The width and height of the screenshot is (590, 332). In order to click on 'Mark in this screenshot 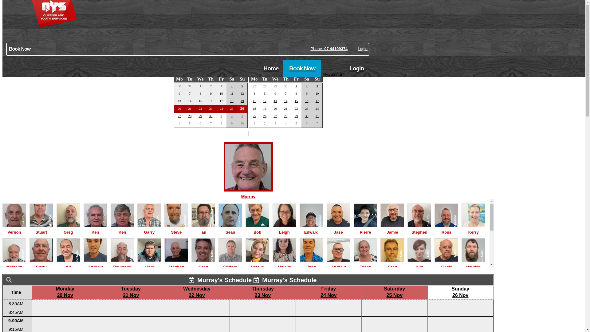, I will do `click(338, 298)`.